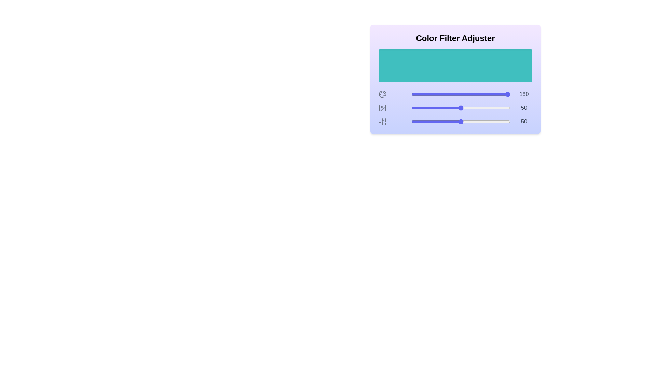 The image size is (656, 369). What do you see at coordinates (498, 108) in the screenshot?
I see `the lightness slider to 88%` at bounding box center [498, 108].